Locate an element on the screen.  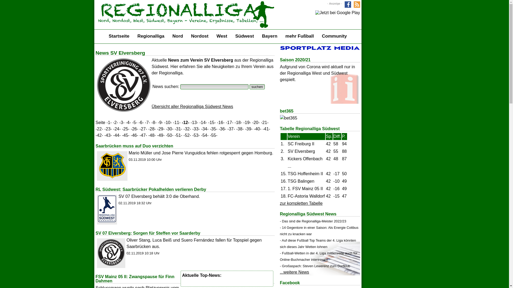
'-54-' is located at coordinates (204, 135).